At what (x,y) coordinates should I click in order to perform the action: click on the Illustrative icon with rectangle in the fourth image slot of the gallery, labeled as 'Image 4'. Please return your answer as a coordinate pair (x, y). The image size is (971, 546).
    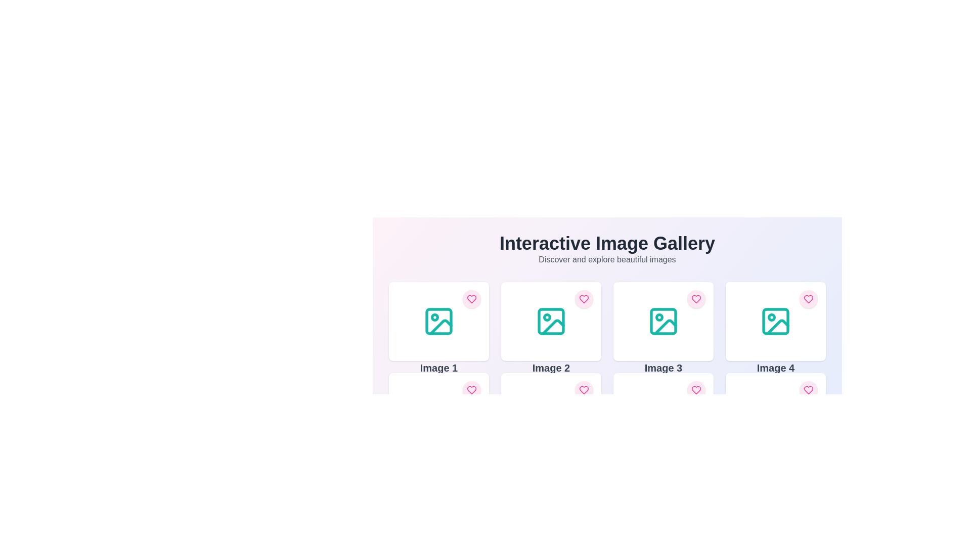
    Looking at the image, I should click on (775, 322).